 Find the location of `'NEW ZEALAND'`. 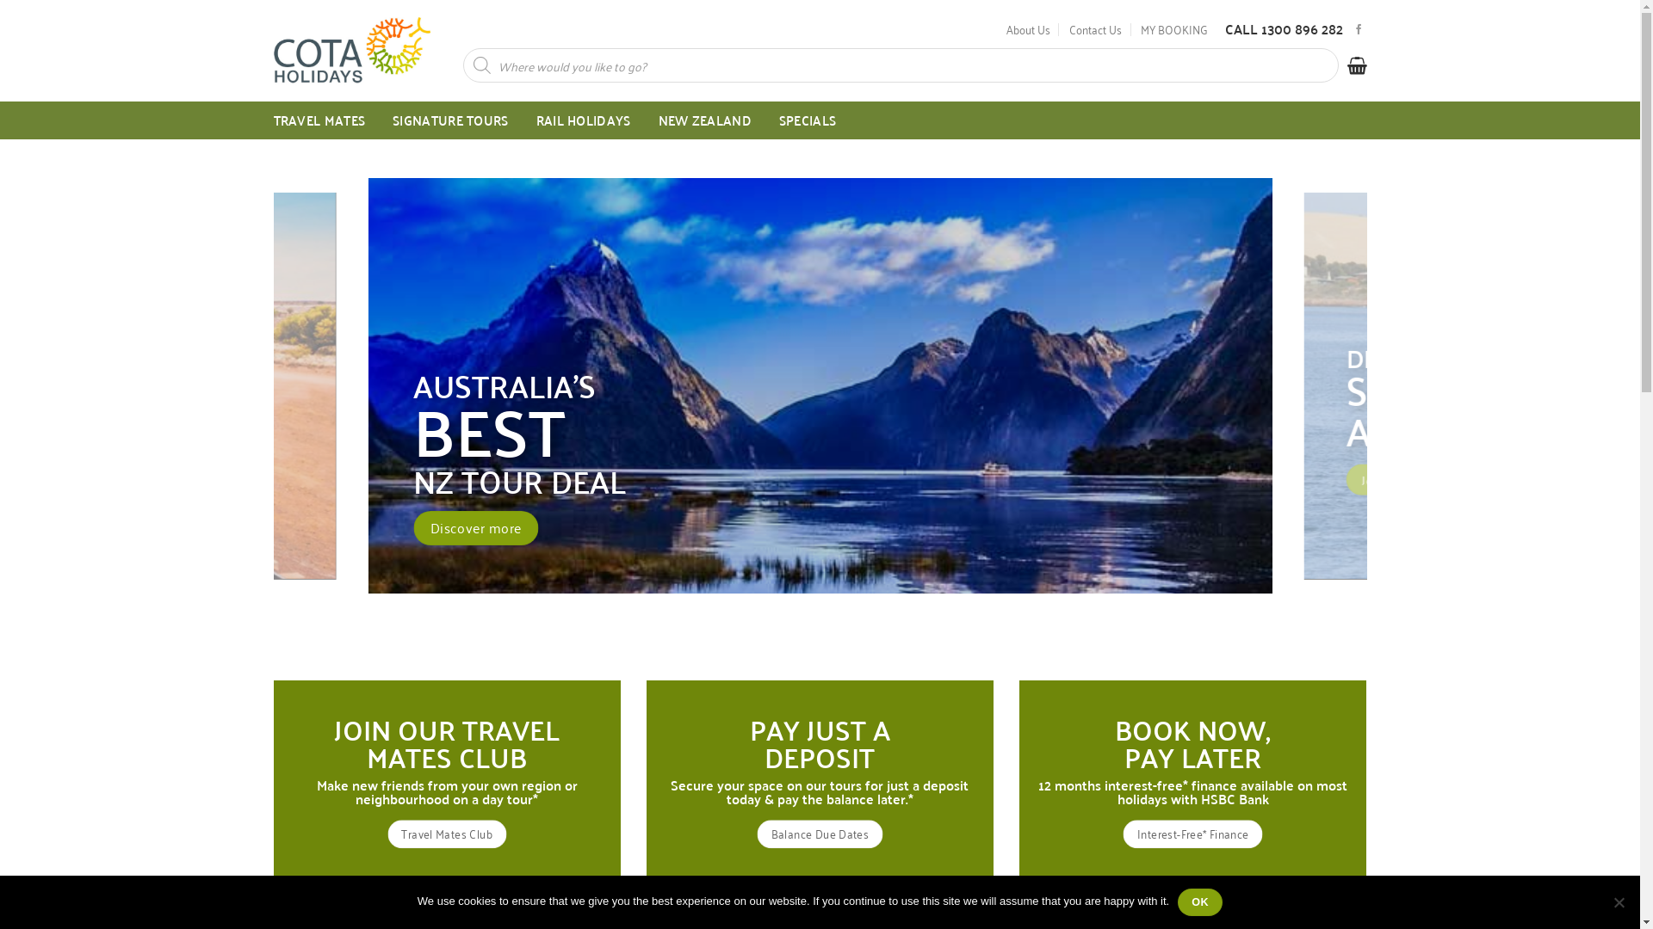

'NEW ZEALAND' is located at coordinates (705, 119).